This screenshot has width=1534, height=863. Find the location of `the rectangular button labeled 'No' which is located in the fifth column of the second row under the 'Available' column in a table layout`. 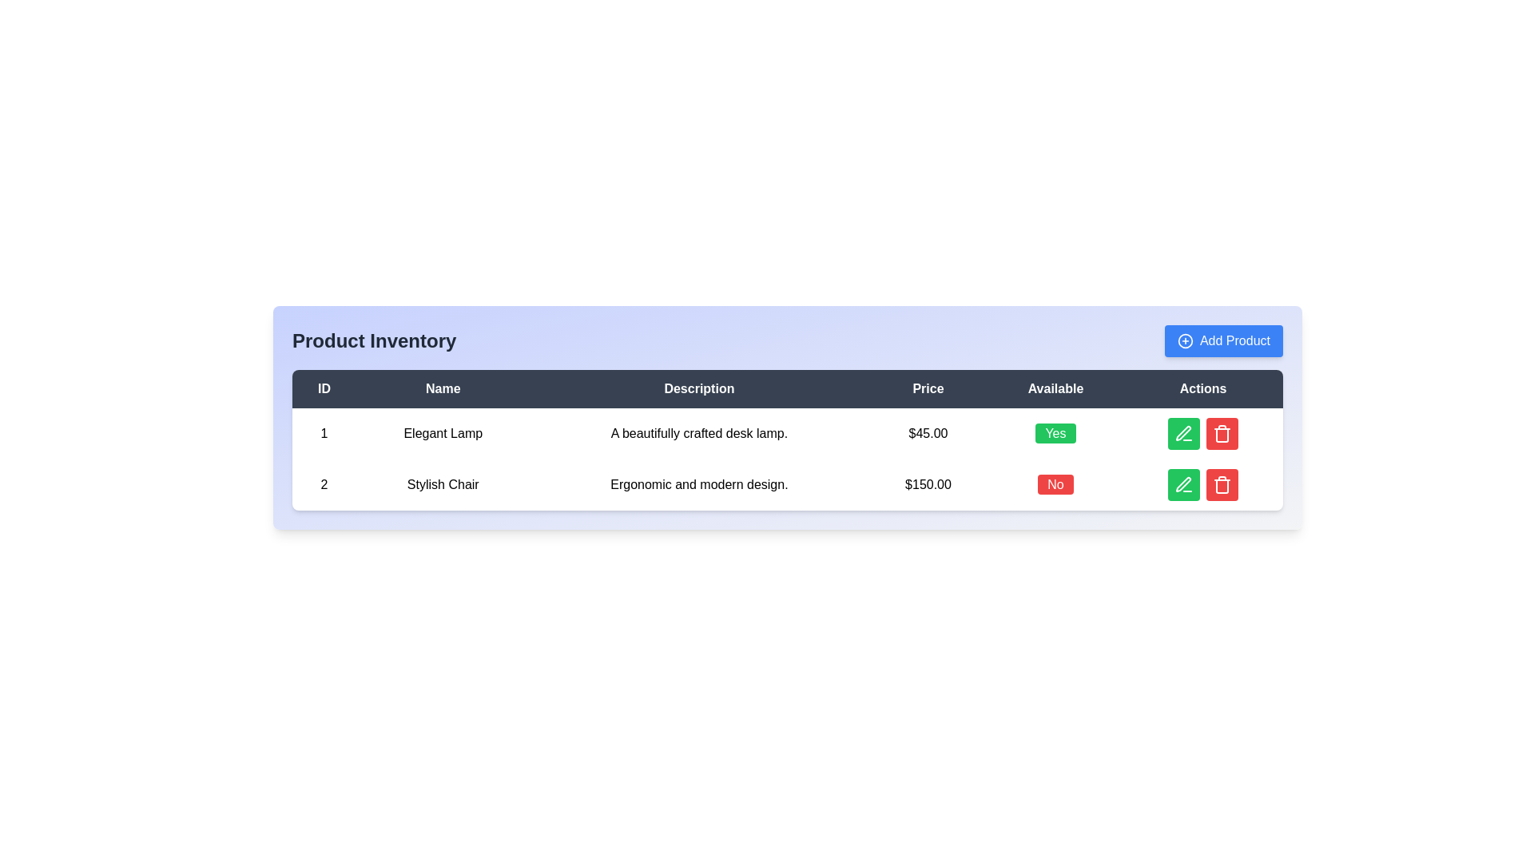

the rectangular button labeled 'No' which is located in the fifth column of the second row under the 'Available' column in a table layout is located at coordinates (1055, 483).